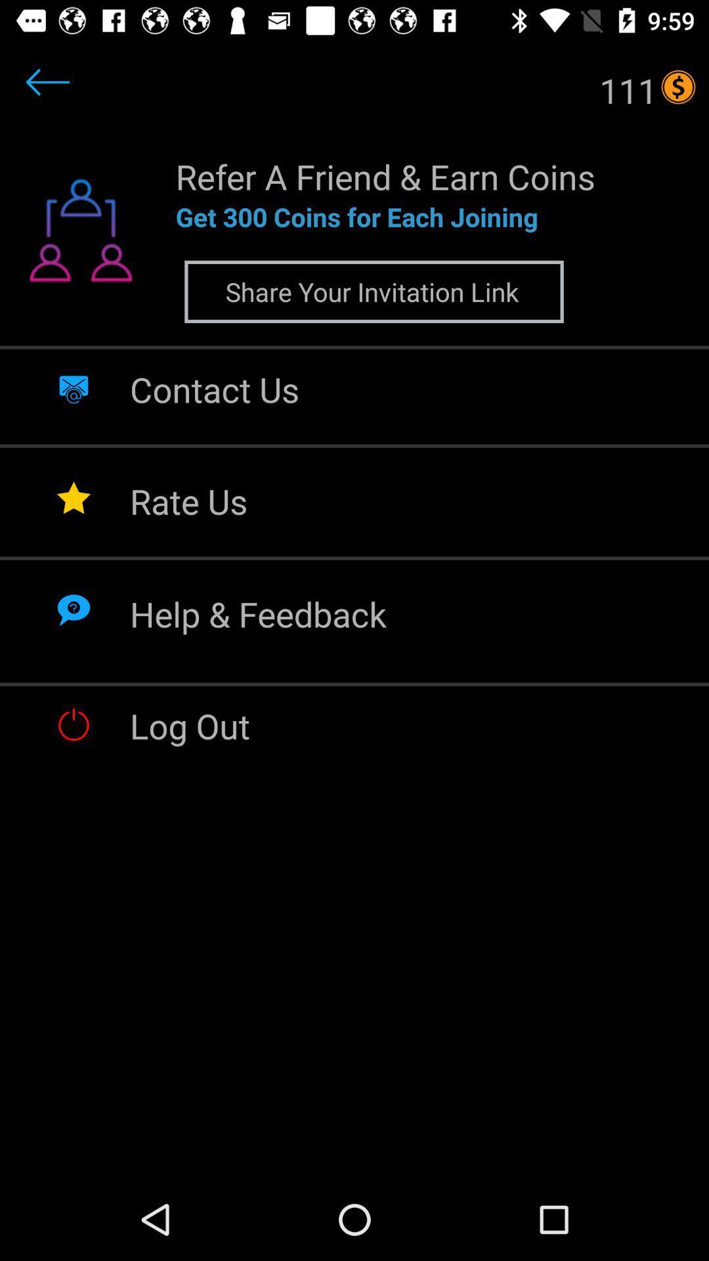 Image resolution: width=709 pixels, height=1261 pixels. Describe the element at coordinates (81, 238) in the screenshot. I see `image left to refer a friend  earn coins` at that location.